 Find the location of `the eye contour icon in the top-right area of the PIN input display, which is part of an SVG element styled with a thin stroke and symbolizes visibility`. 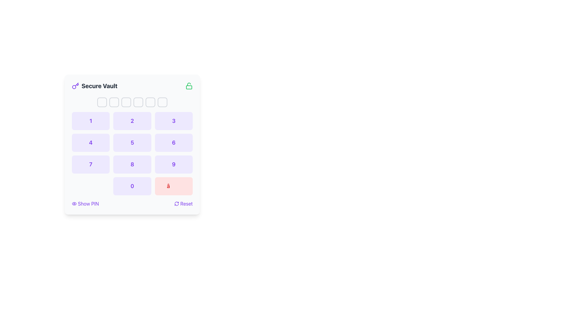

the eye contour icon in the top-right area of the PIN input display, which is part of an SVG element styled with a thin stroke and symbolizes visibility is located at coordinates (74, 204).